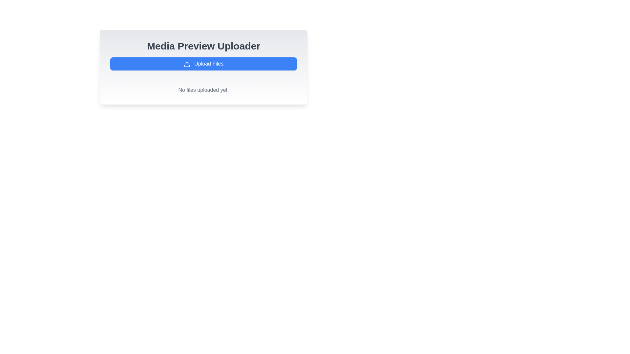  Describe the element at coordinates (203, 90) in the screenshot. I see `the text label displaying 'No files uploaded yet.' which is centered below the 'Upload Files' button` at that location.